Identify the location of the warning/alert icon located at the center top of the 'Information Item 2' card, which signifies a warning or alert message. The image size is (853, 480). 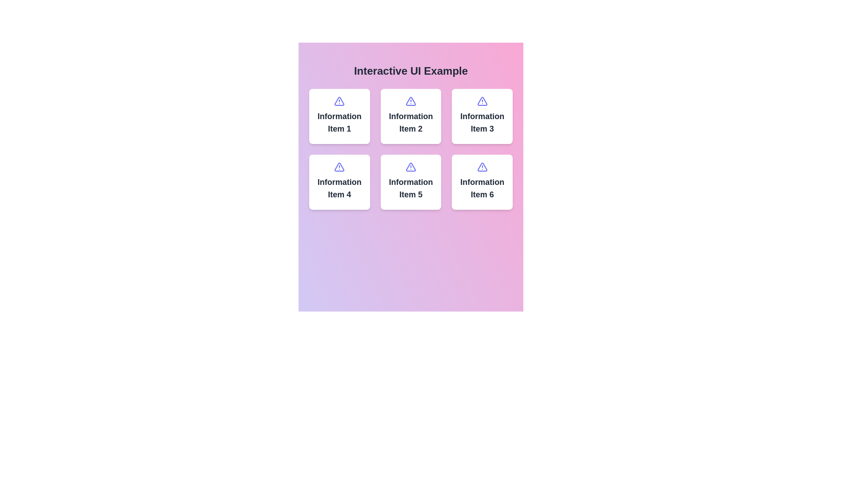
(411, 100).